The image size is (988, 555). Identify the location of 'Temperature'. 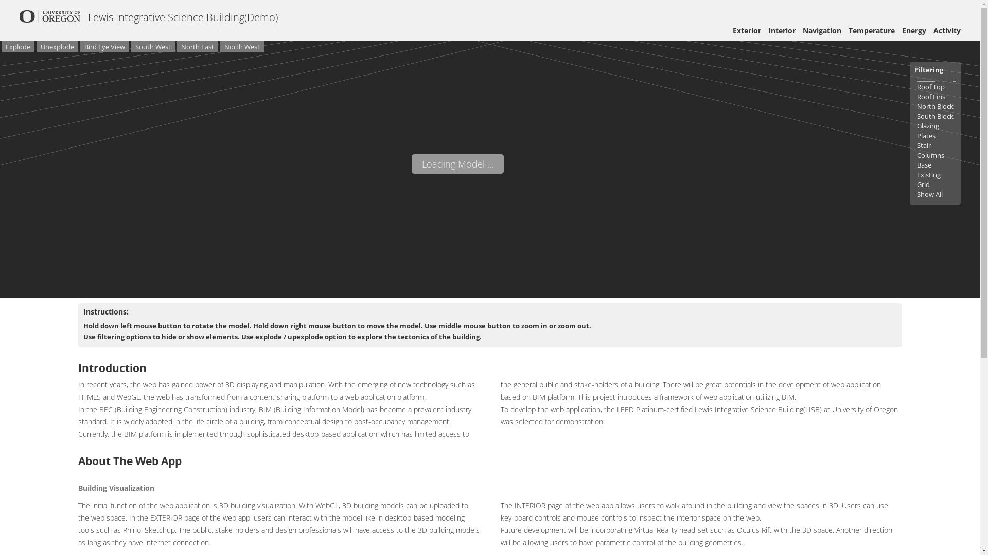
(871, 30).